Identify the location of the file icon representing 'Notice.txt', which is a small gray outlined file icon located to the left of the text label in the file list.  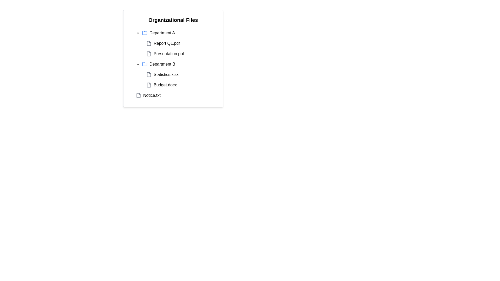
(139, 95).